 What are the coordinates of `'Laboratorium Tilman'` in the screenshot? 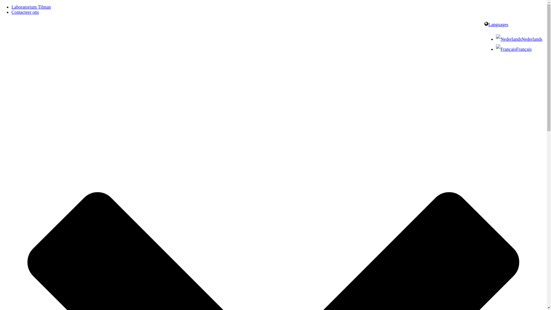 It's located at (31, 7).